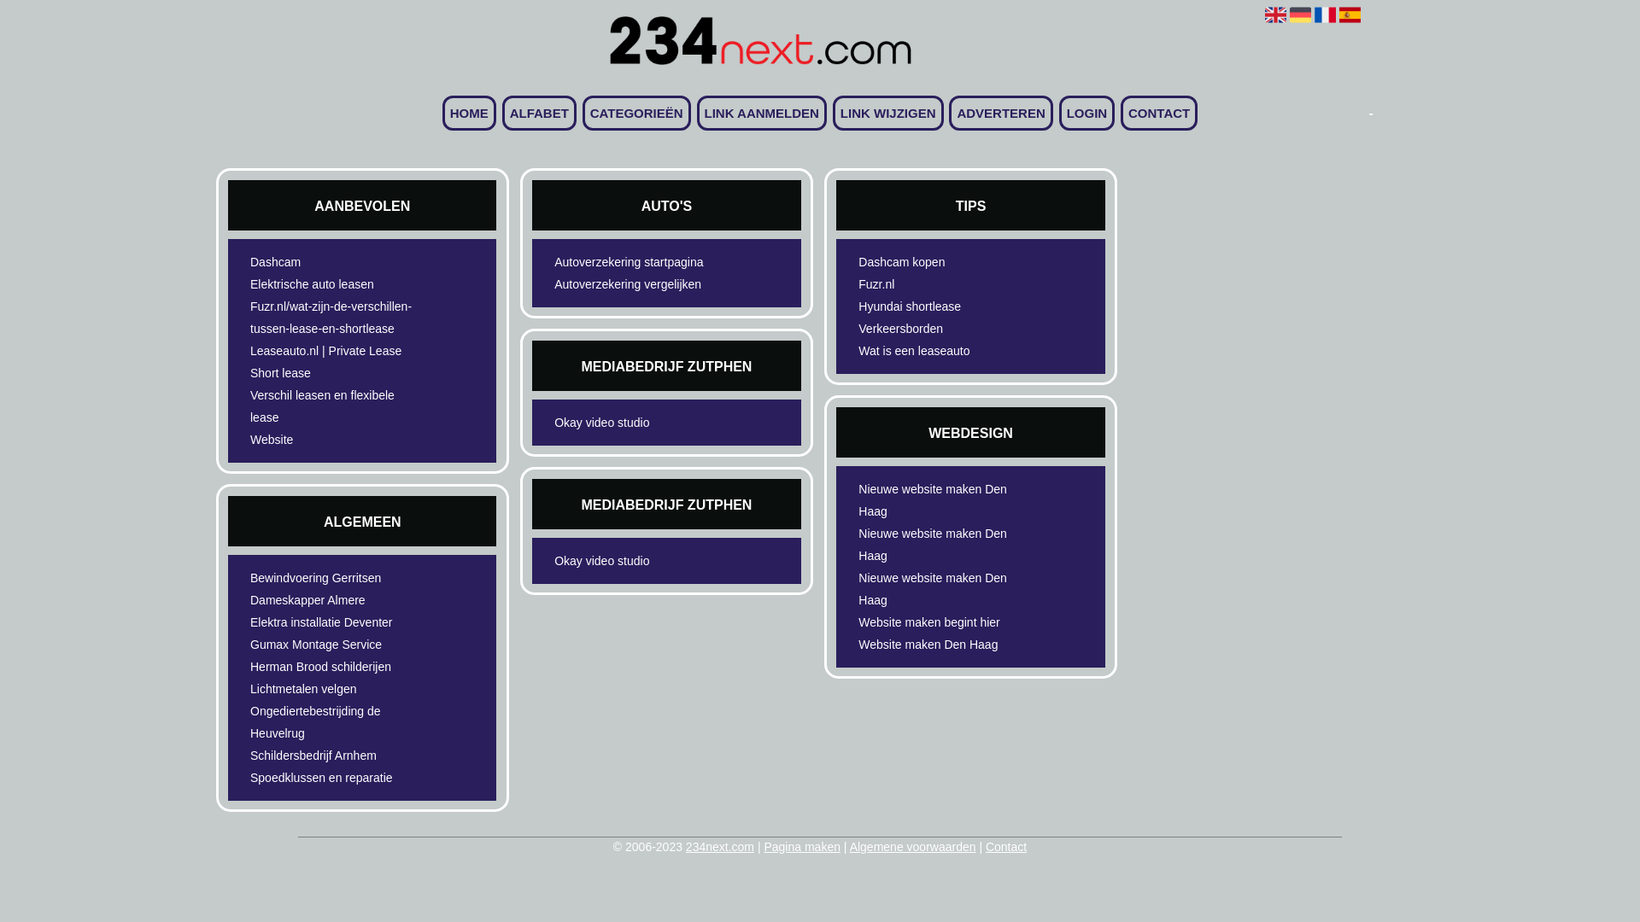 This screenshot has height=922, width=1640. What do you see at coordinates (332, 371) in the screenshot?
I see `'Short lease'` at bounding box center [332, 371].